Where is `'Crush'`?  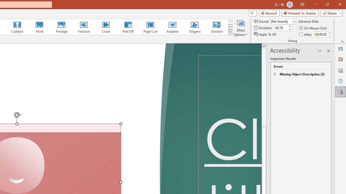 'Crush' is located at coordinates (106, 27).